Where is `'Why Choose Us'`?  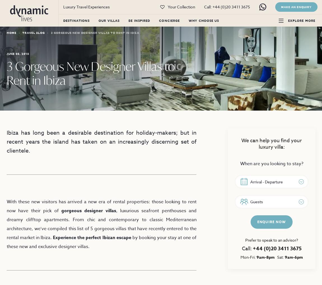
'Why Choose Us' is located at coordinates (203, 20).